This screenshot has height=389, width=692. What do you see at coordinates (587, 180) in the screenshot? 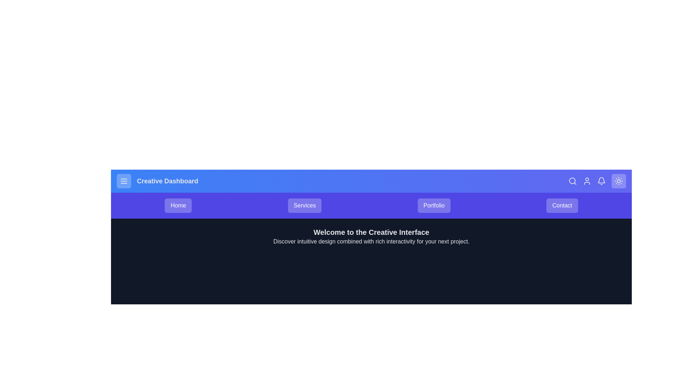
I see `the user icon in the header` at bounding box center [587, 180].